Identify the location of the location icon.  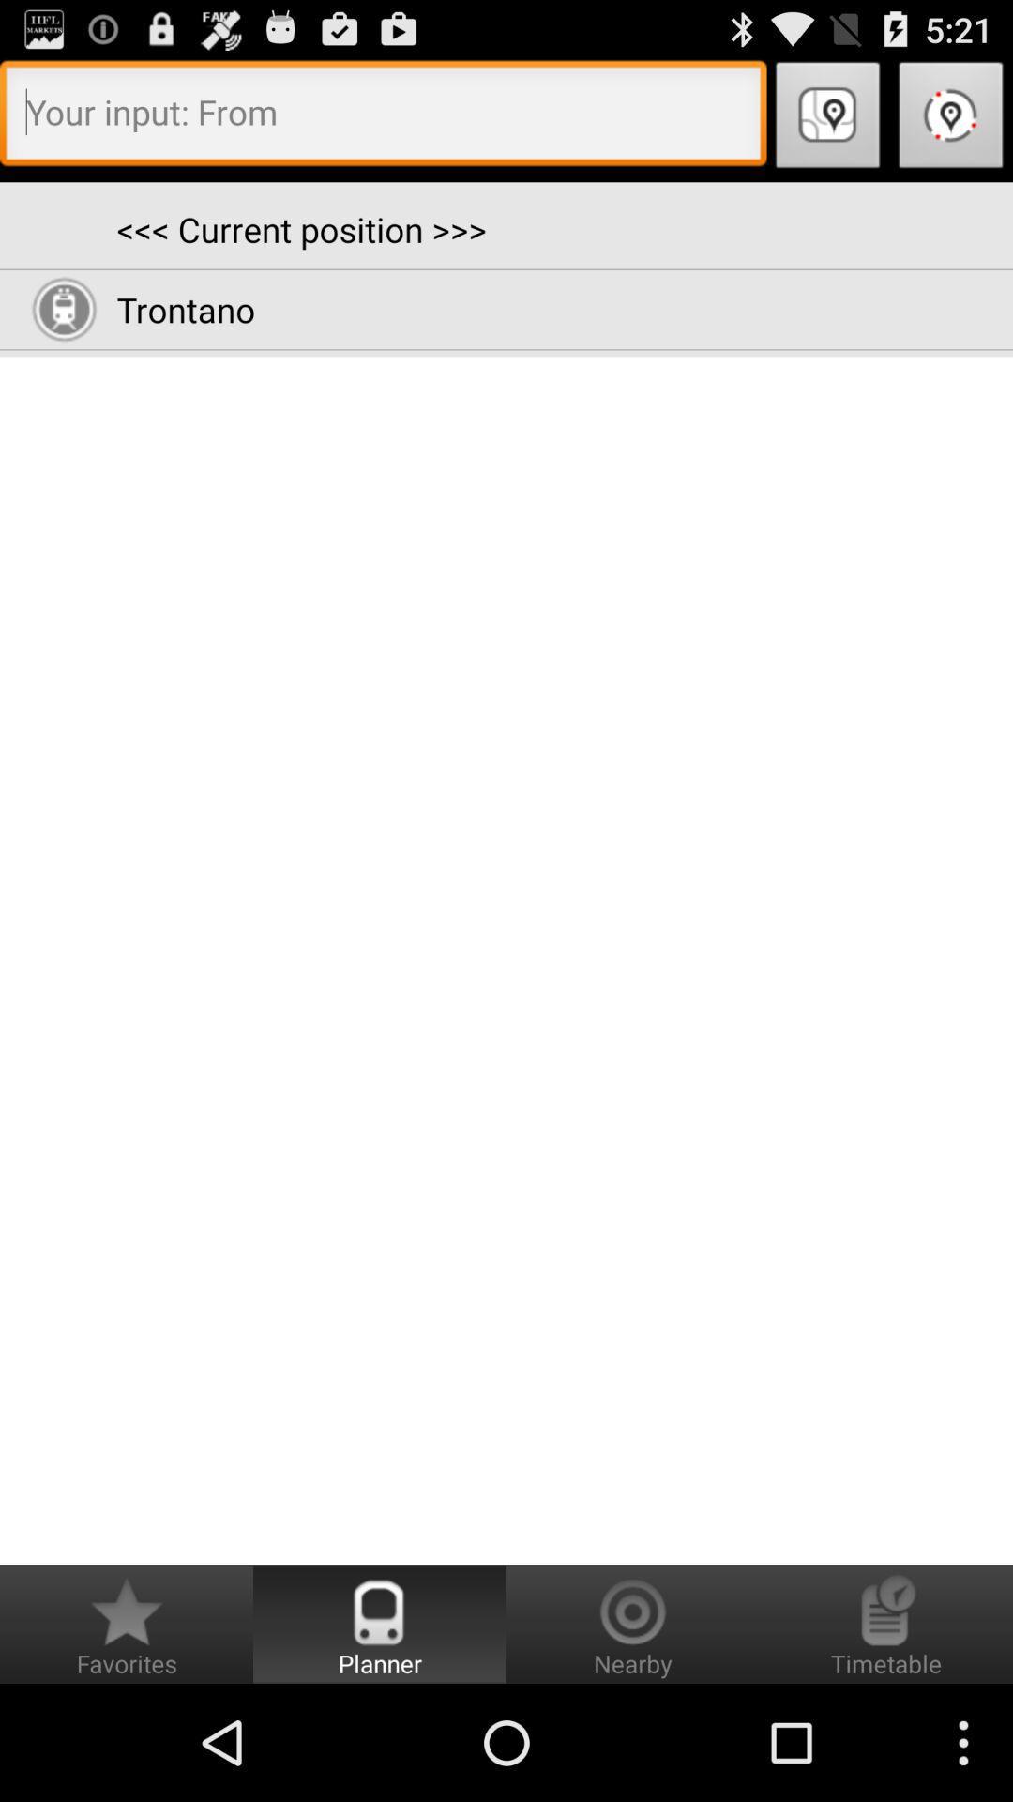
(951, 128).